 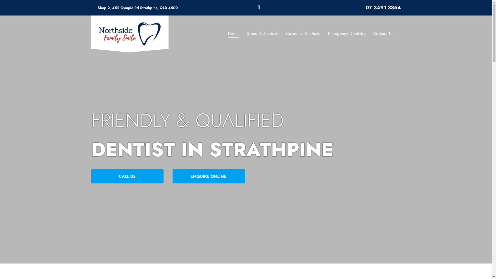 I want to click on 'Emergency Dentistry', so click(x=347, y=34).